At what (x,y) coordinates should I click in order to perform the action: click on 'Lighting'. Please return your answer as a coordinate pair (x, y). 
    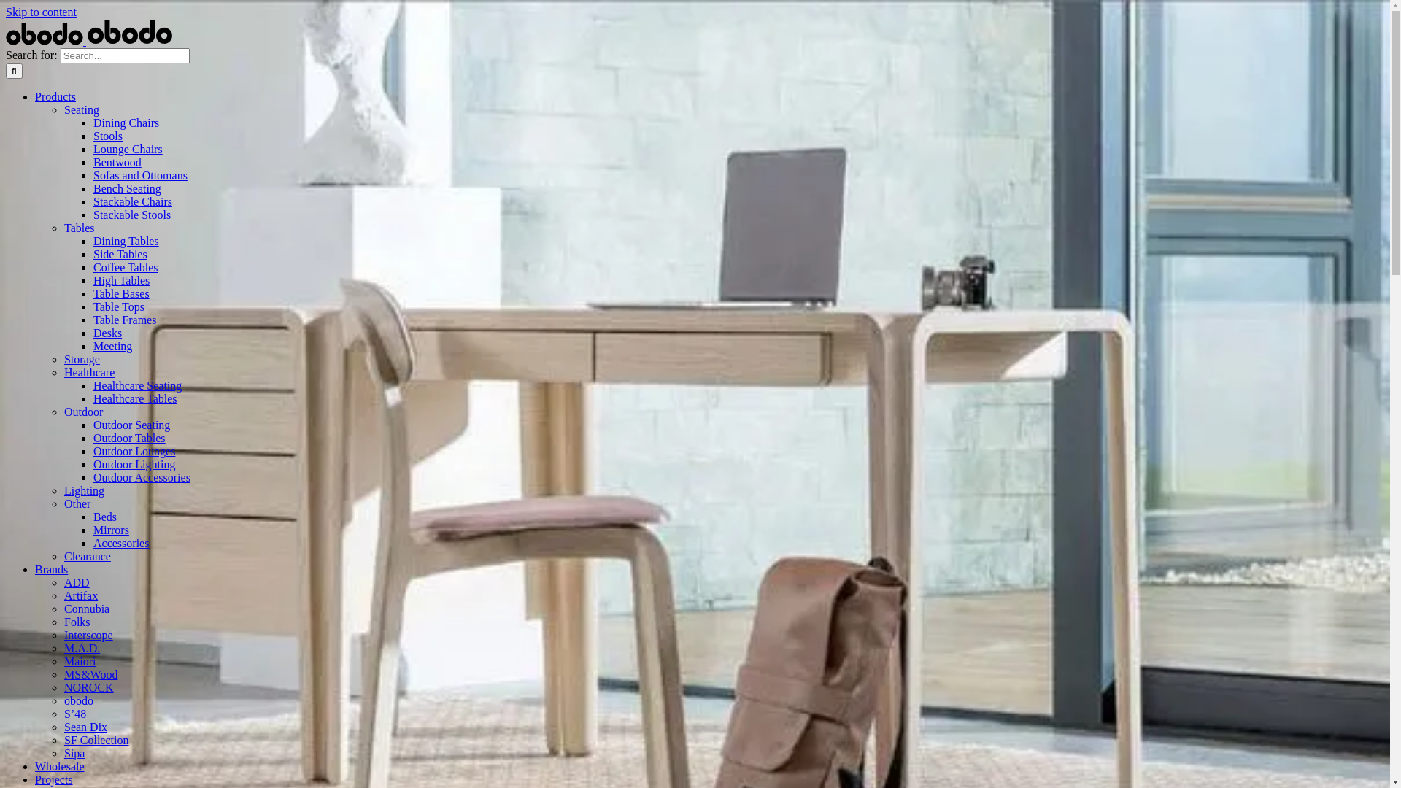
    Looking at the image, I should click on (83, 490).